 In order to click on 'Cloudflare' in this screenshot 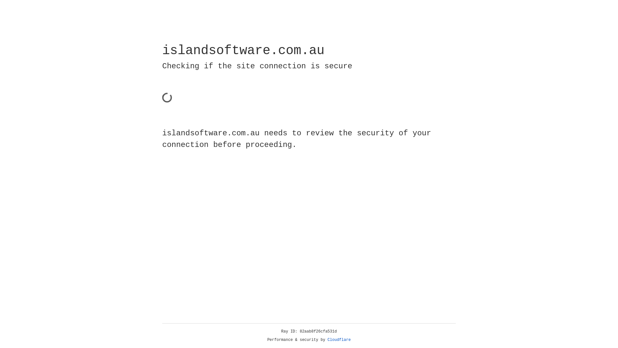, I will do `click(339, 340)`.